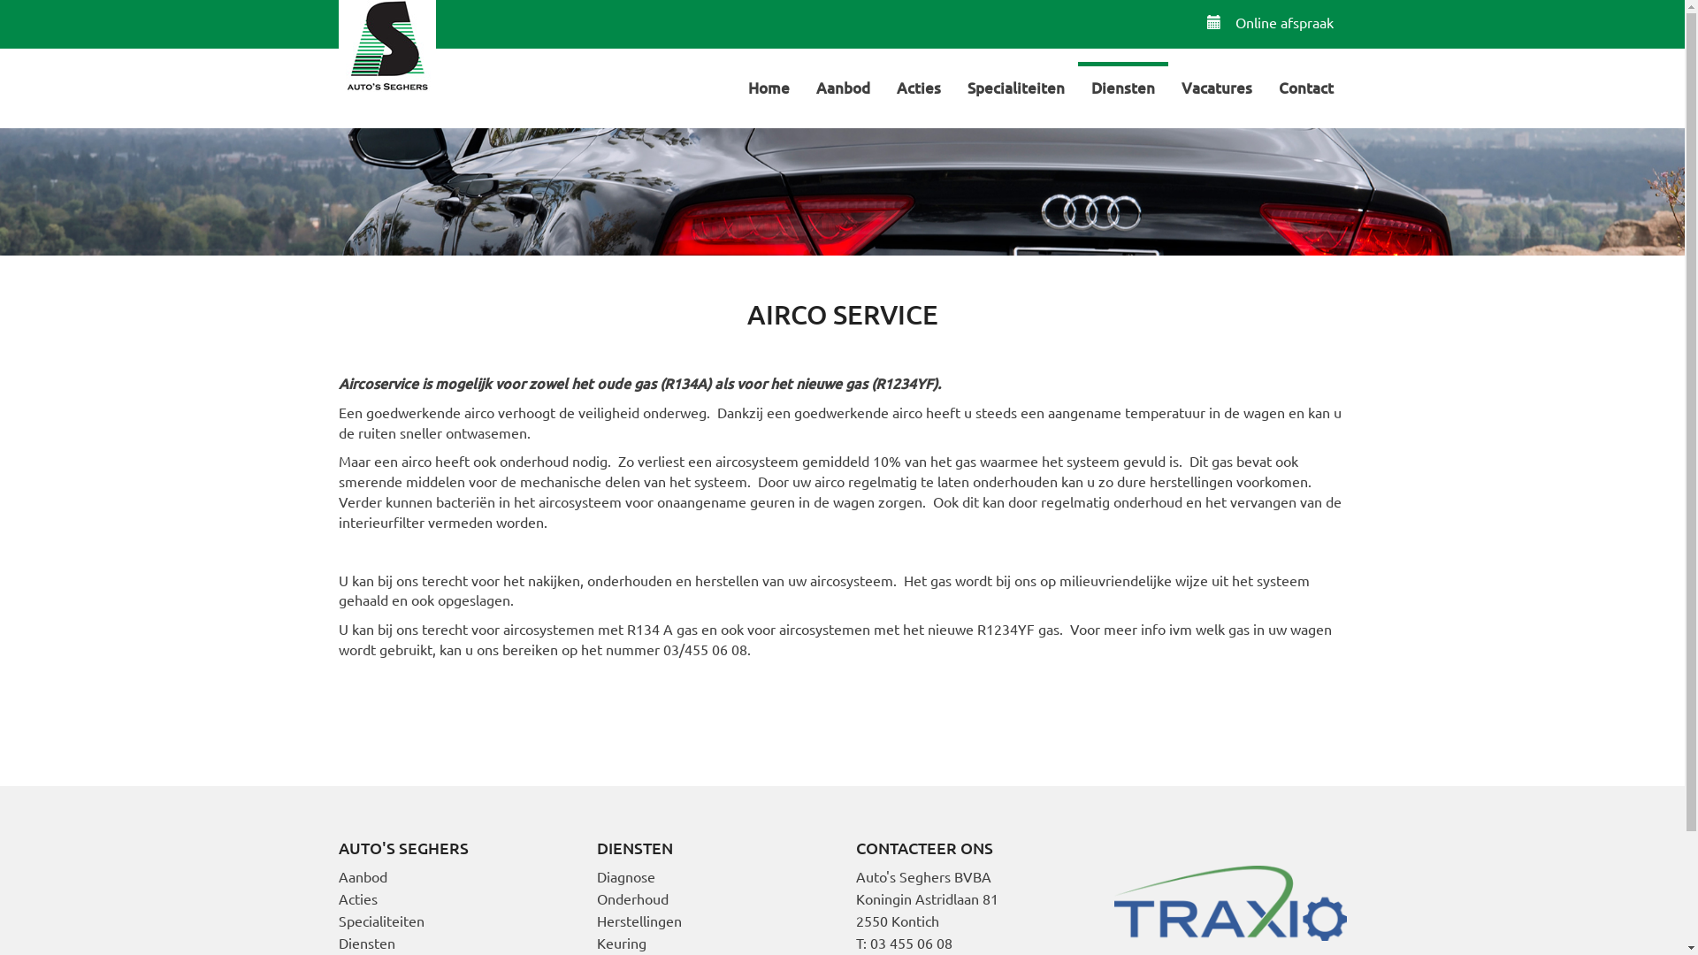  I want to click on 'Lid van Traxio', so click(1229, 900).